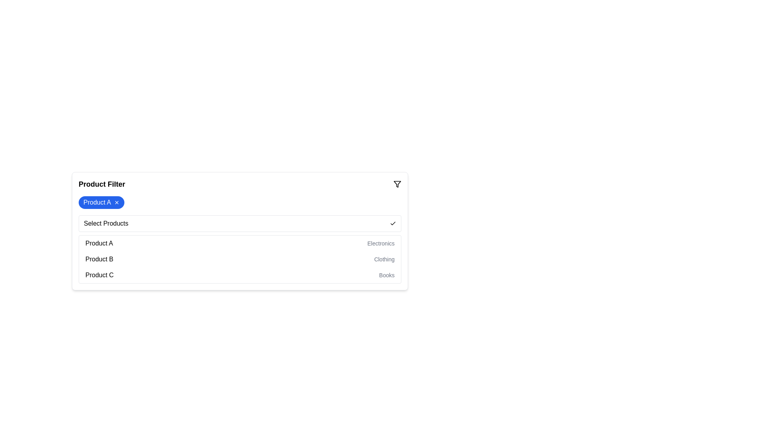  I want to click on the Checkmark icon located at the far right end of the 'Select Products' row, so click(393, 224).